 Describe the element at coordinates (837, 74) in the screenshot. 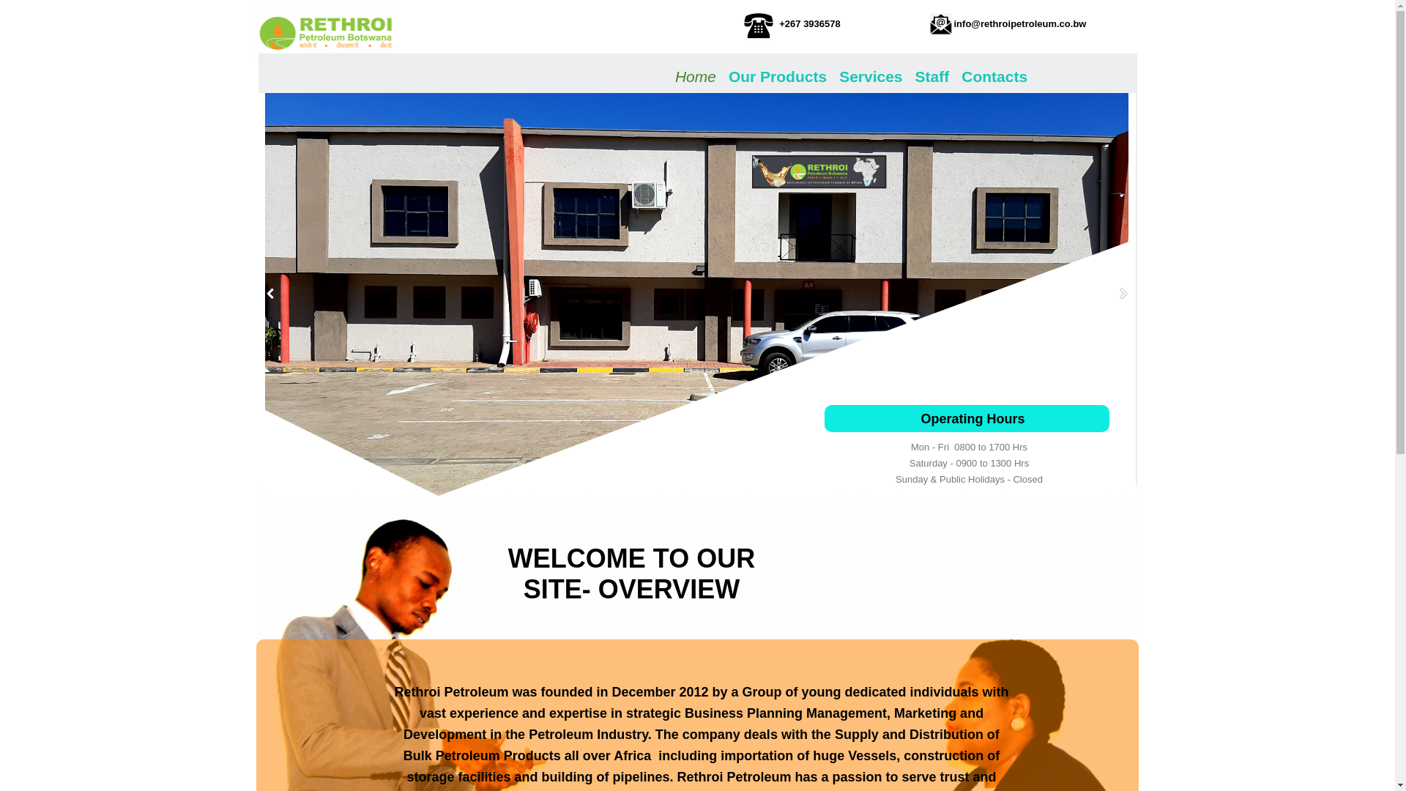

I see `'Services'` at that location.